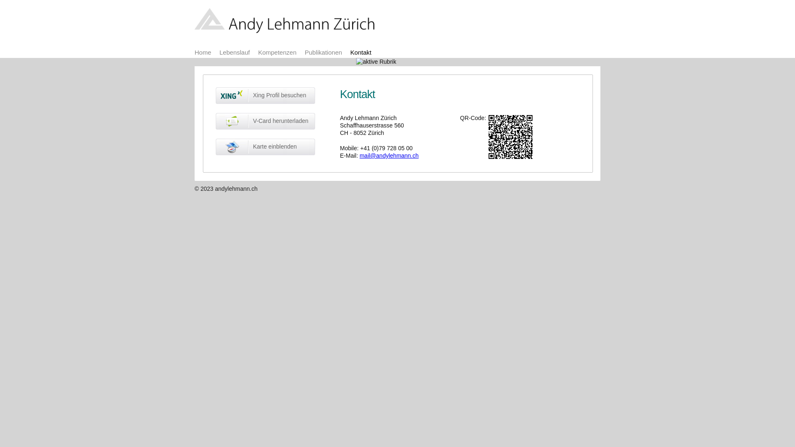 This screenshot has width=795, height=447. Describe the element at coordinates (202, 52) in the screenshot. I see `'Home'` at that location.